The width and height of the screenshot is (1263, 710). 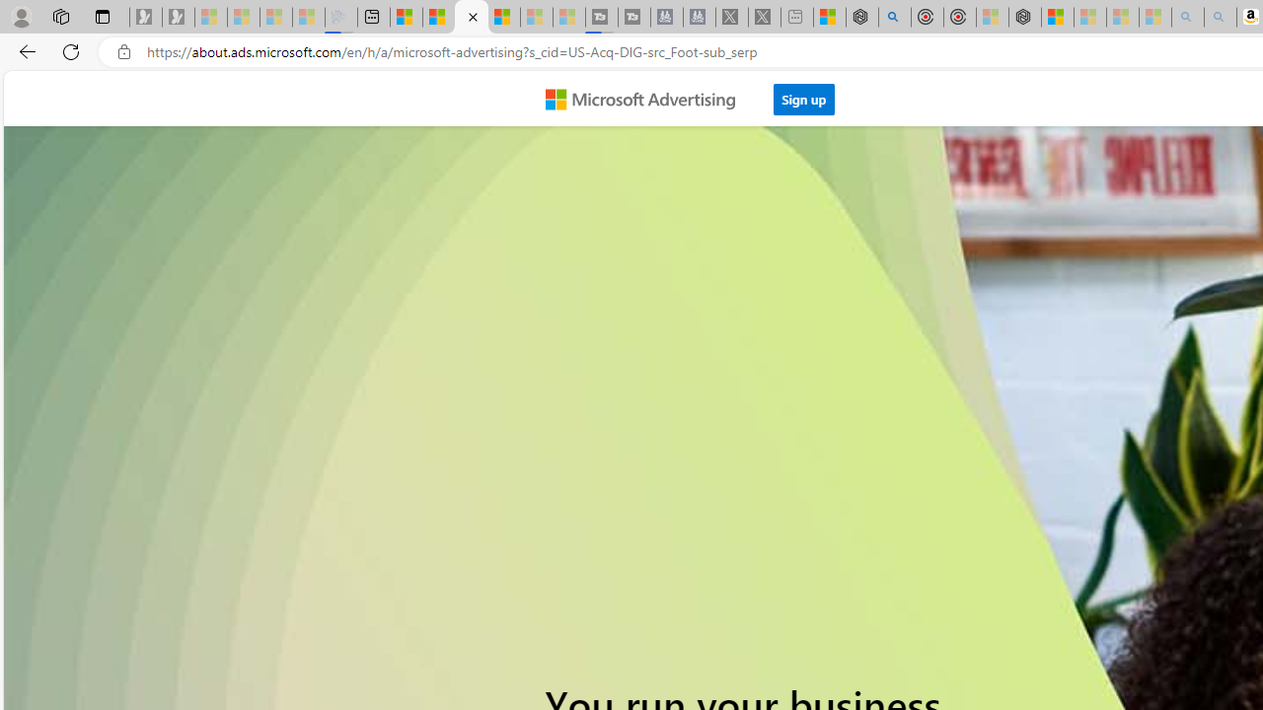 What do you see at coordinates (764, 17) in the screenshot?
I see `'X - Sleeping'` at bounding box center [764, 17].